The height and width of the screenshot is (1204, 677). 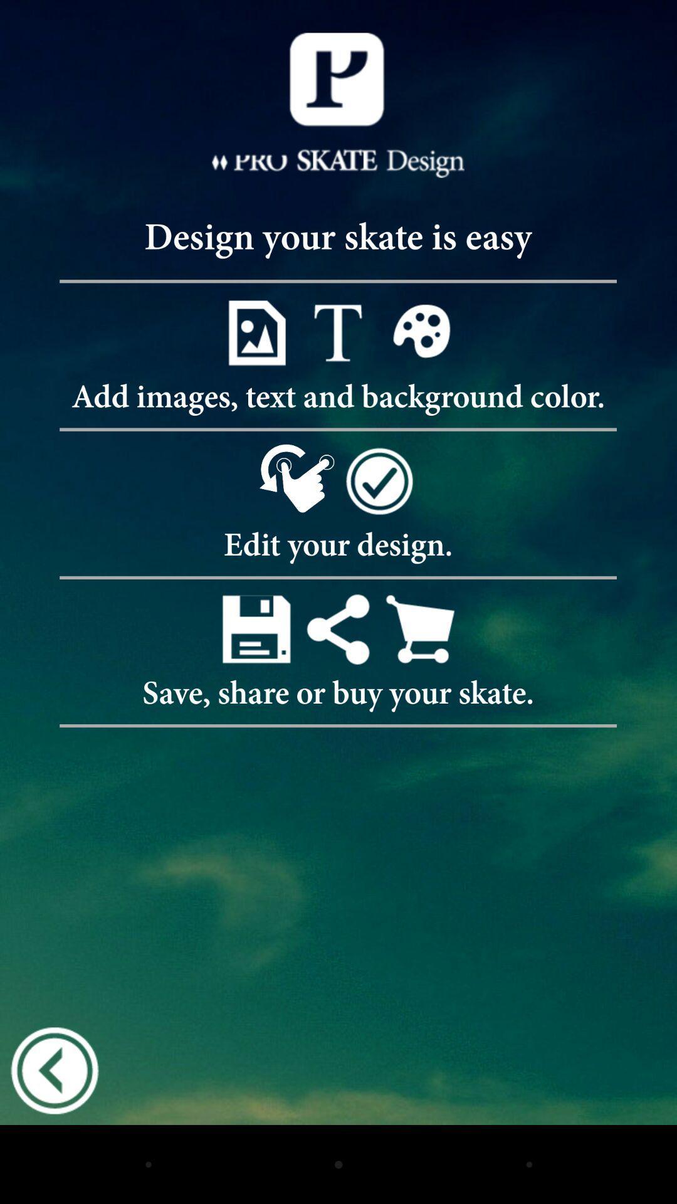 I want to click on share button, so click(x=337, y=629).